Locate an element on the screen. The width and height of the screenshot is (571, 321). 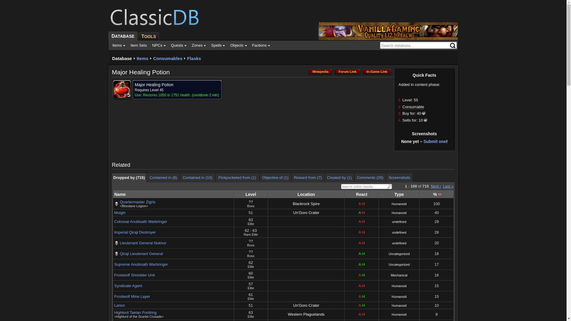
'TOOLS' is located at coordinates (148, 36).